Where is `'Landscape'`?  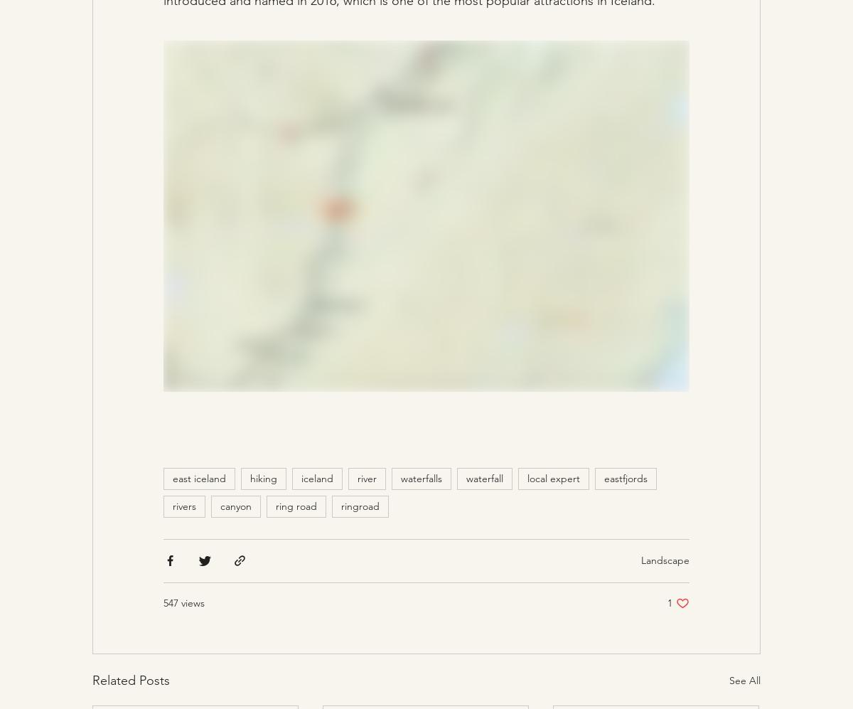
'Landscape' is located at coordinates (665, 560).